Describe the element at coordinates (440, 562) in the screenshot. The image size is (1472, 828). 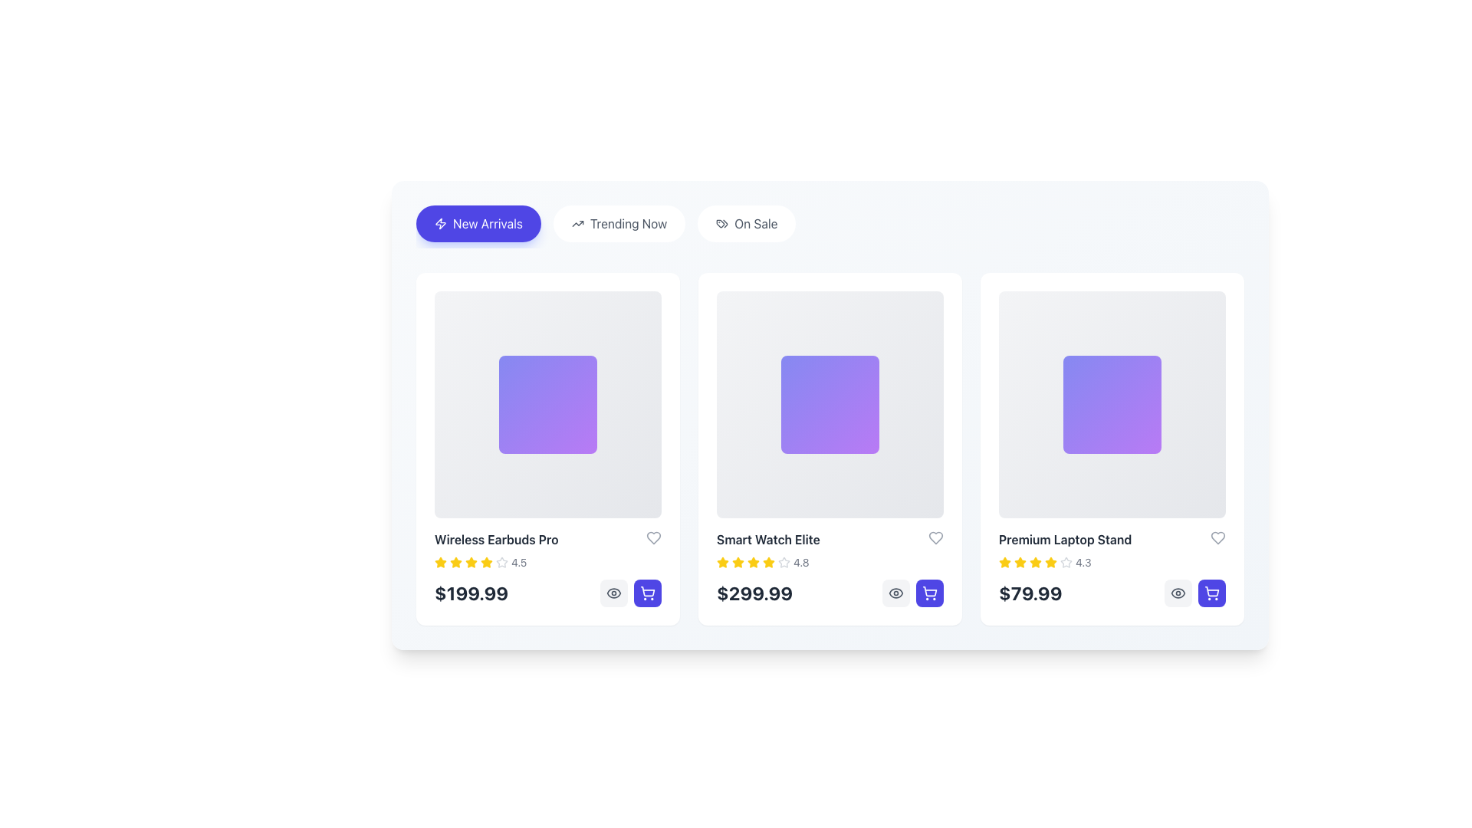
I see `the first star icon in the rating display system for the 'Wireless Earbuds Pro' product, which visually indicates the product's rating and is located below the product information and above the pricing section` at that location.